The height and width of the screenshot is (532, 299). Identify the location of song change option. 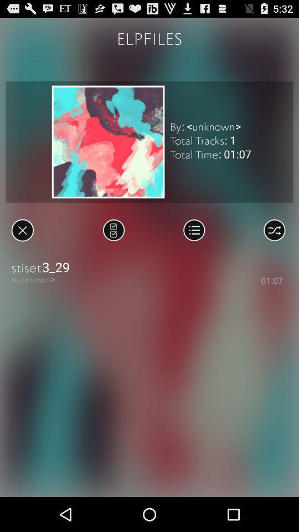
(113, 229).